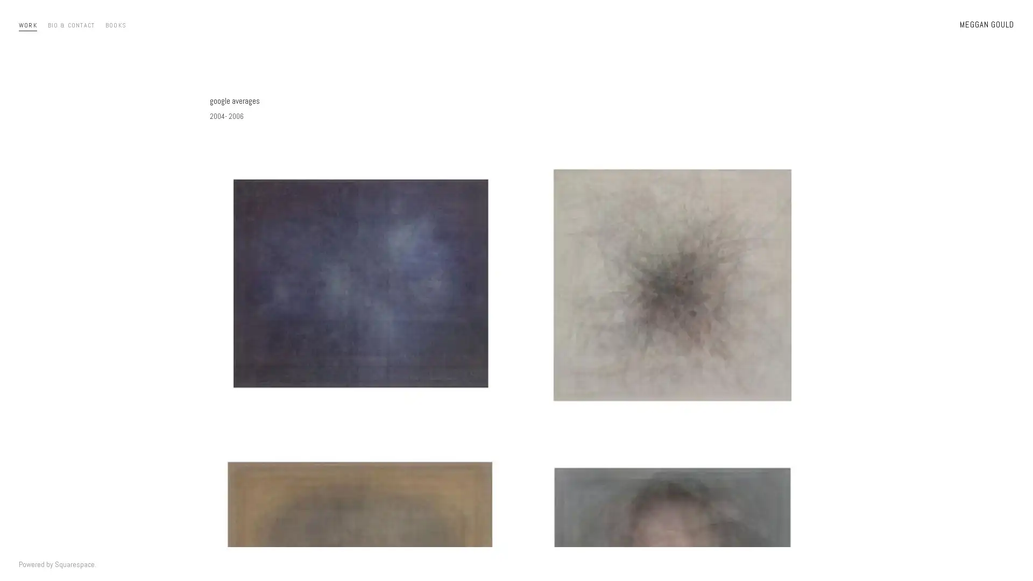 This screenshot has height=581, width=1033. What do you see at coordinates (360, 284) in the screenshot?
I see `View fullsize pleiades_average.jpg` at bounding box center [360, 284].